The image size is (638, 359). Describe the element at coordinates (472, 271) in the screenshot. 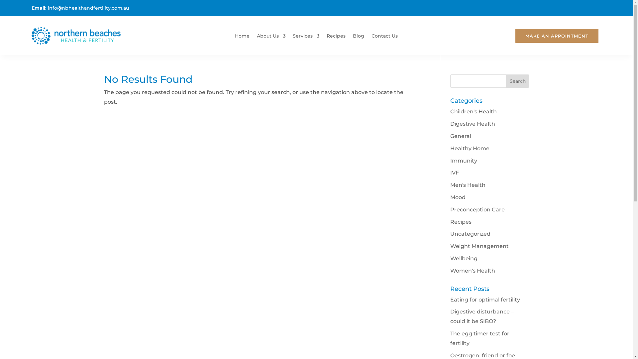

I see `'Women's Health'` at that location.